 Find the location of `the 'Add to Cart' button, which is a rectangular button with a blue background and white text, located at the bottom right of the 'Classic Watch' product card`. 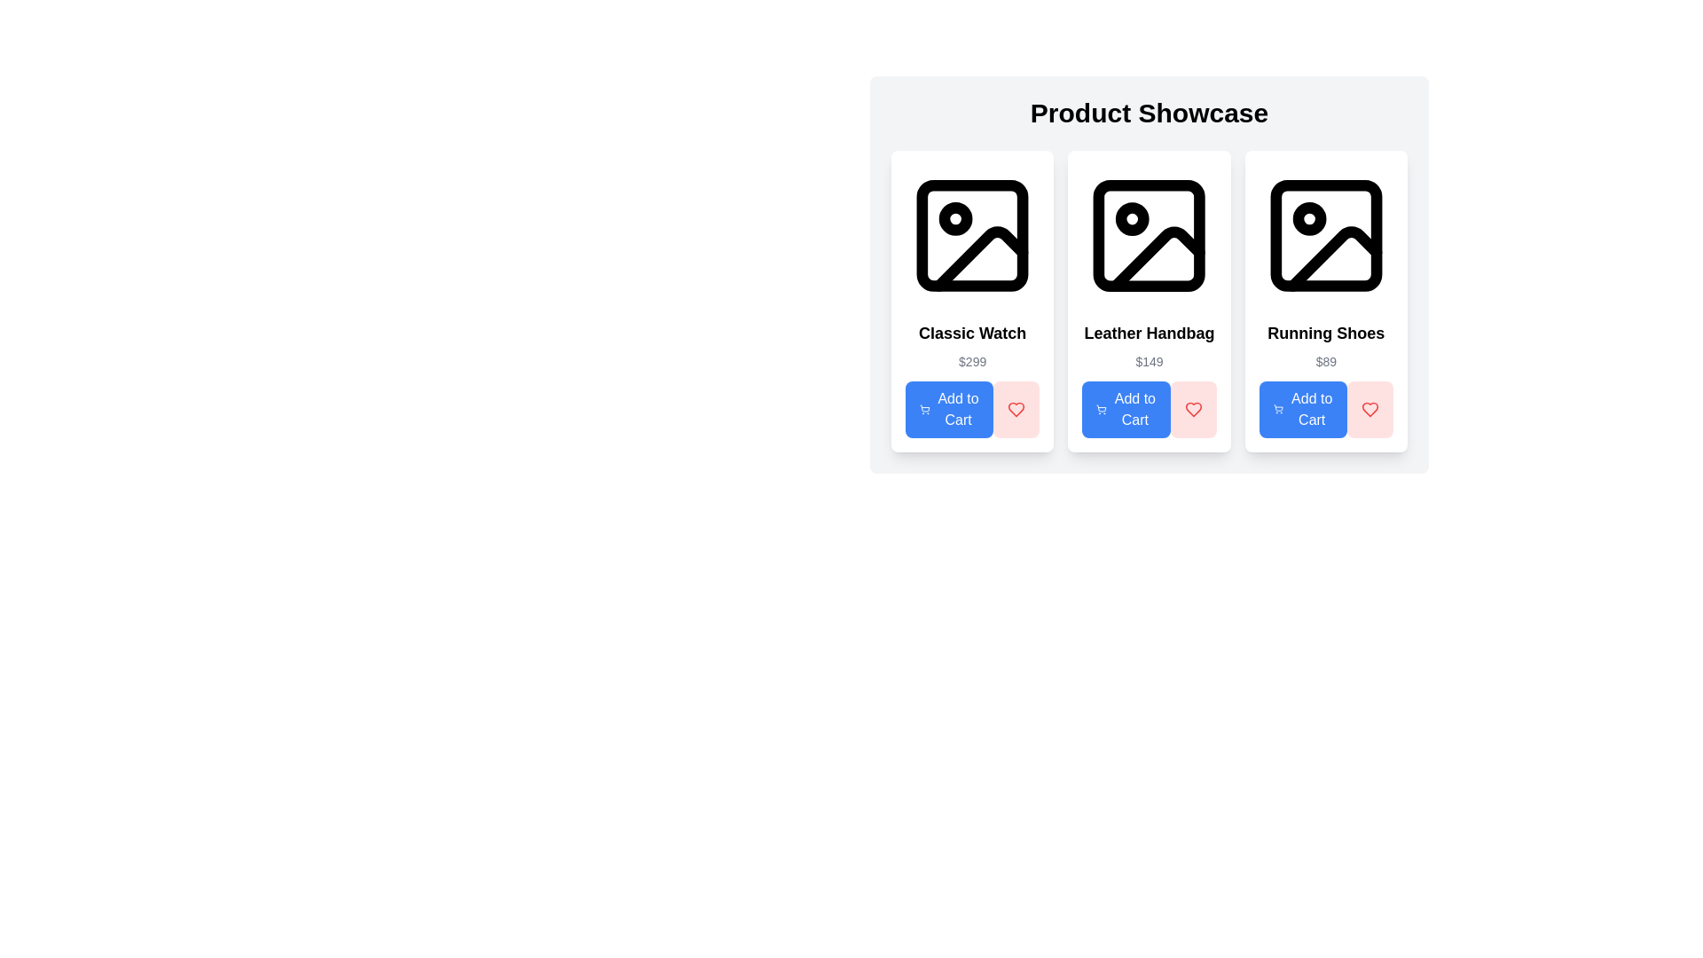

the 'Add to Cart' button, which is a rectangular button with a blue background and white text, located at the bottom right of the 'Classic Watch' product card is located at coordinates (971, 410).